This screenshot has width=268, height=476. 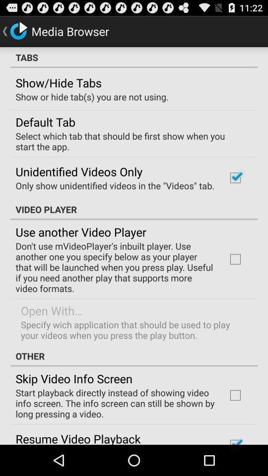 What do you see at coordinates (134, 356) in the screenshot?
I see `the icon below specify wich application` at bounding box center [134, 356].